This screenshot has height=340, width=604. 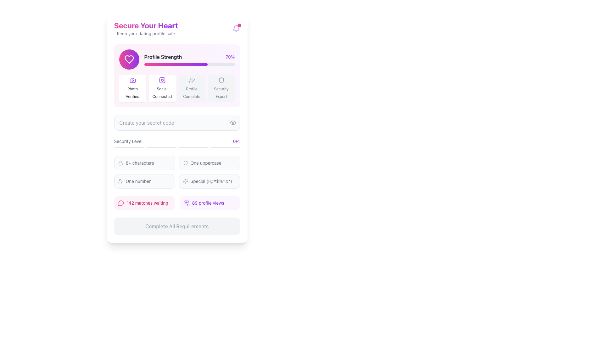 What do you see at coordinates (144, 181) in the screenshot?
I see `the second password requirement text label with an icon indicating the need for at least one numerical character in the 'Security Level' subsection of the UI card` at bounding box center [144, 181].